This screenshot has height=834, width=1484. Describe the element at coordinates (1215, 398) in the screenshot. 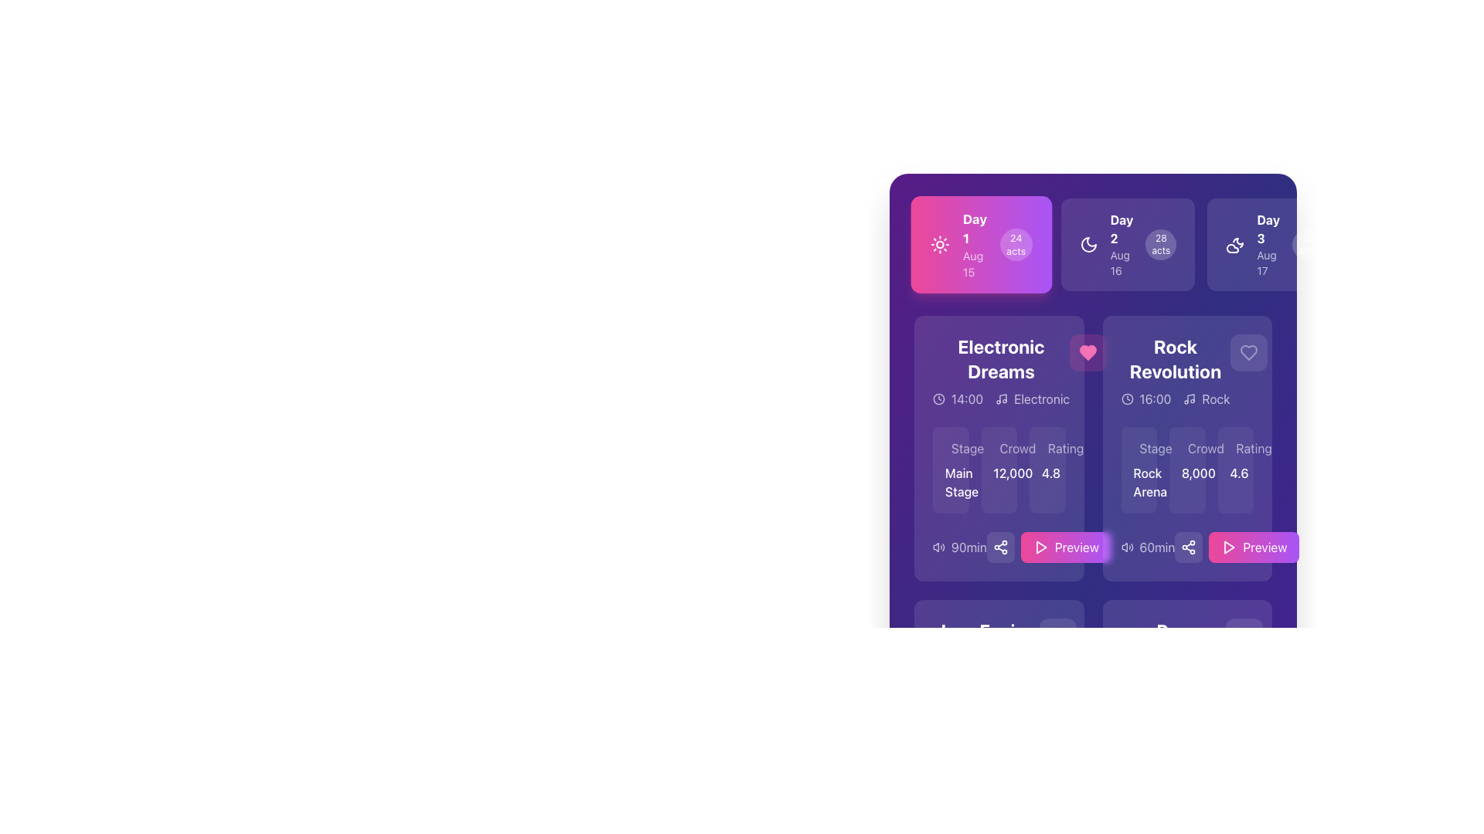

I see `the 'Rock' label in the 'Rock Revolution' section, which indicates the musical genre associated with the event` at that location.